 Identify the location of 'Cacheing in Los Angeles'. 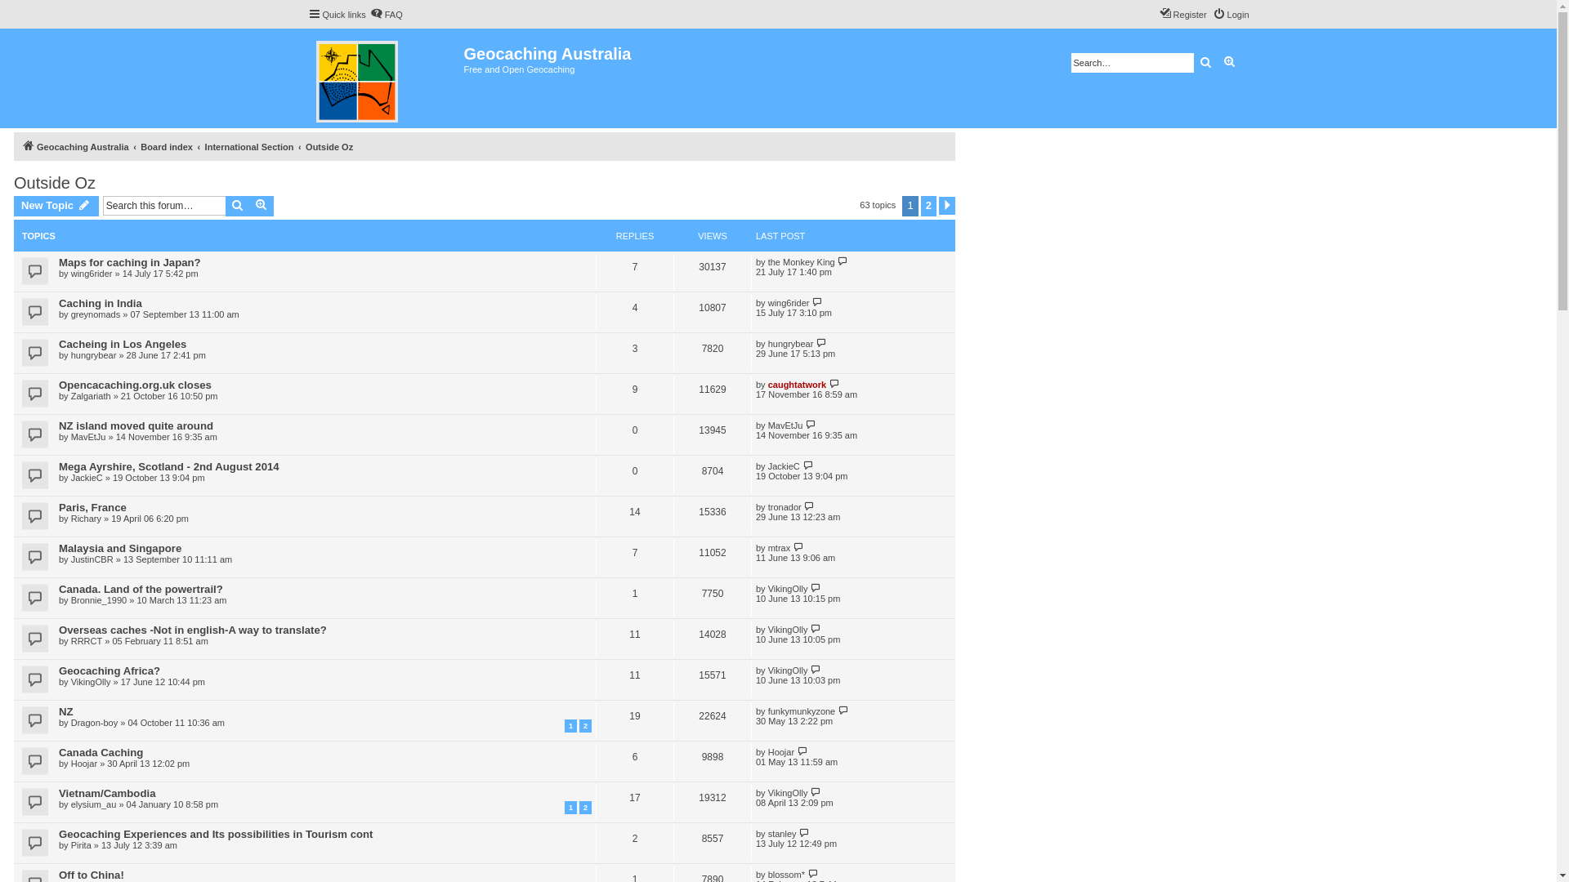
(121, 343).